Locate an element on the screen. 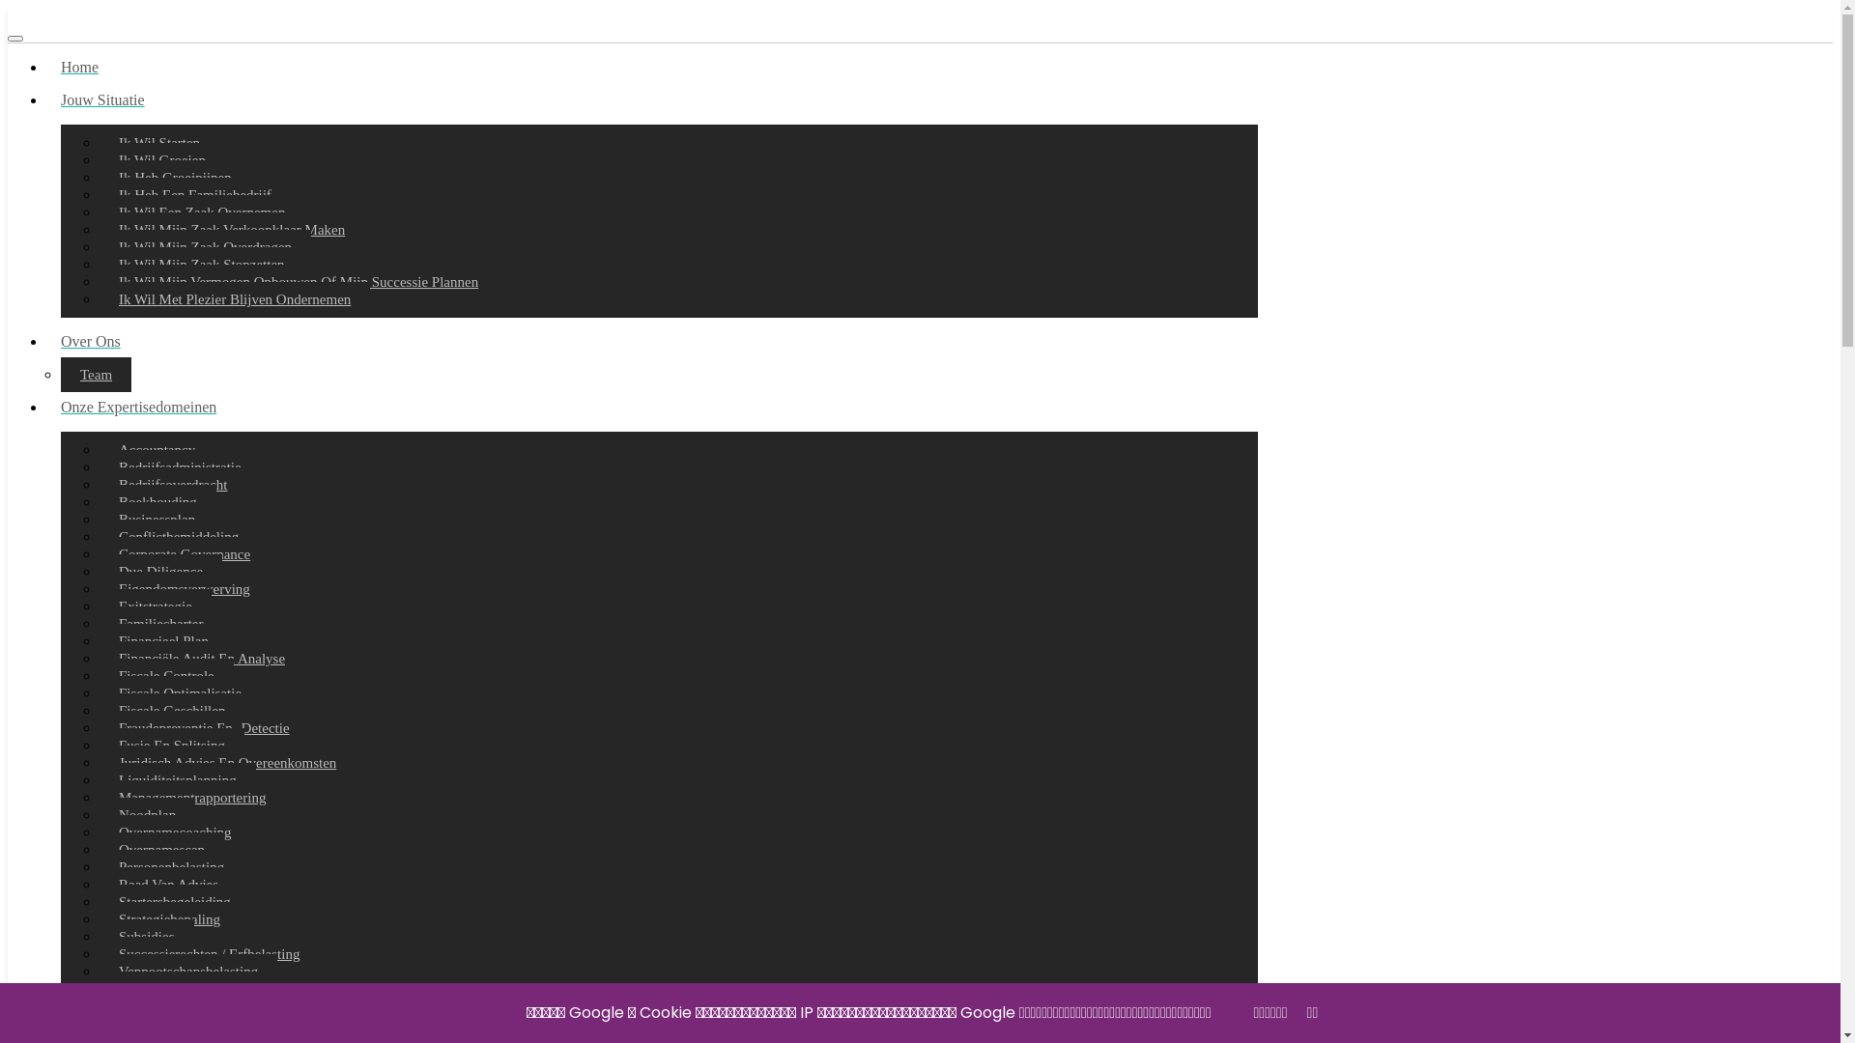 Image resolution: width=1855 pixels, height=1043 pixels. 'Ik Heb Een Familiebedrijf' is located at coordinates (194, 194).